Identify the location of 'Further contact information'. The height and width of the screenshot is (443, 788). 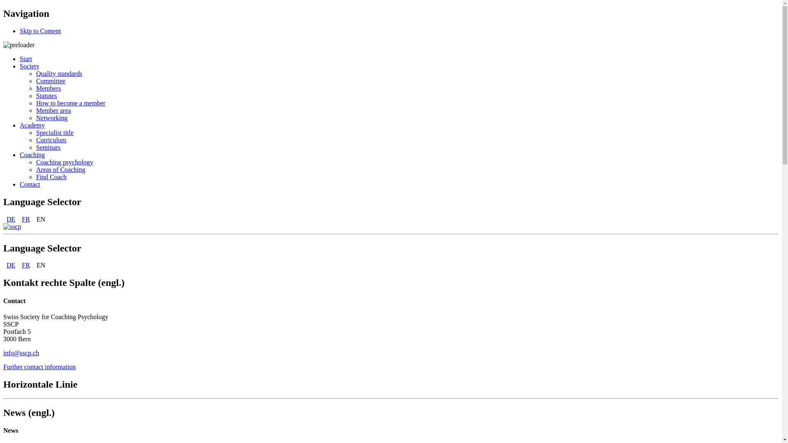
(39, 366).